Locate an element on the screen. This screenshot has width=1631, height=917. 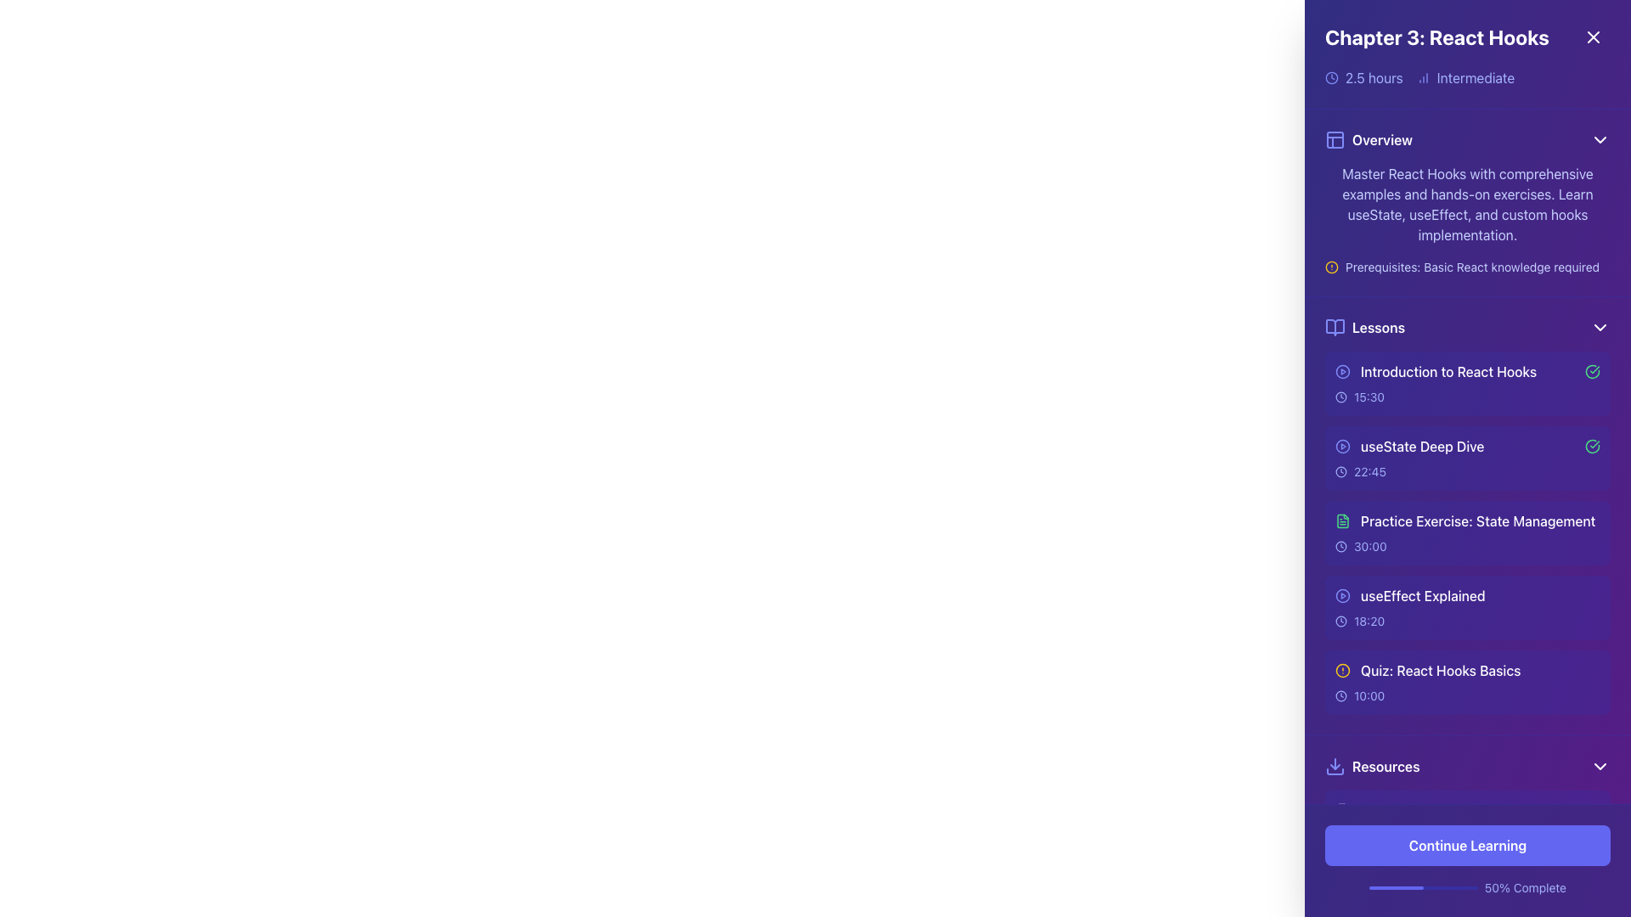
the lesson titled 'useState Deep Dive' located in the 'Lessons' section under 'Chapter 3: React Hooks' is located at coordinates (1467, 445).